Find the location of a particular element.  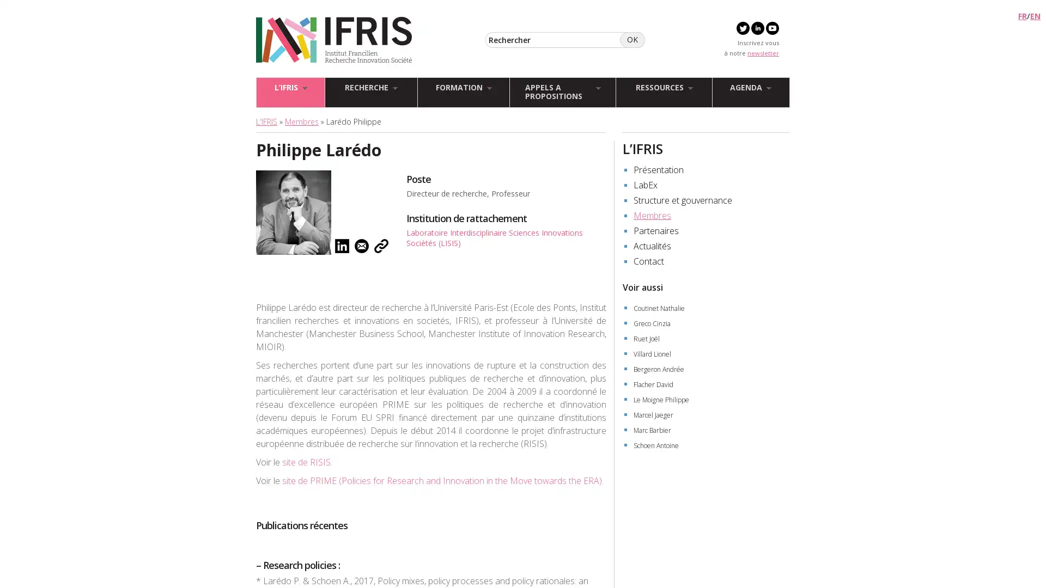

ok is located at coordinates (633, 39).